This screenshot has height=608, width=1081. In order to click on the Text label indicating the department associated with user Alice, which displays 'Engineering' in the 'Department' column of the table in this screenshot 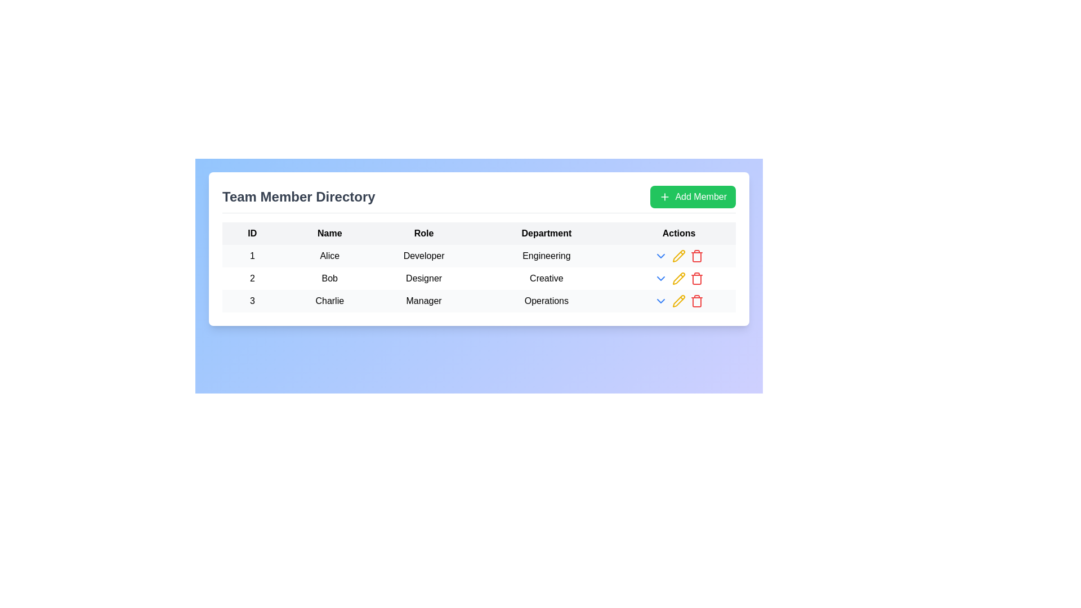, I will do `click(546, 256)`.